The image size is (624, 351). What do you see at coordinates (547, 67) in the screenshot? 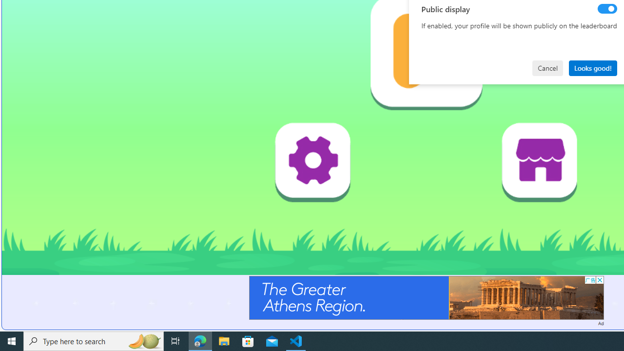
I see `'Cancel'` at bounding box center [547, 67].